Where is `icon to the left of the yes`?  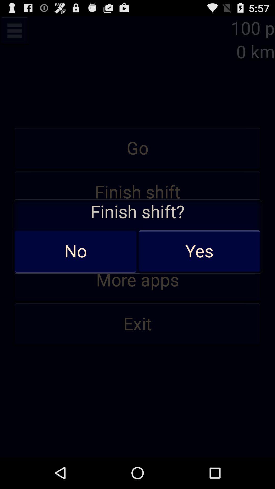
icon to the left of the yes is located at coordinates (76, 251).